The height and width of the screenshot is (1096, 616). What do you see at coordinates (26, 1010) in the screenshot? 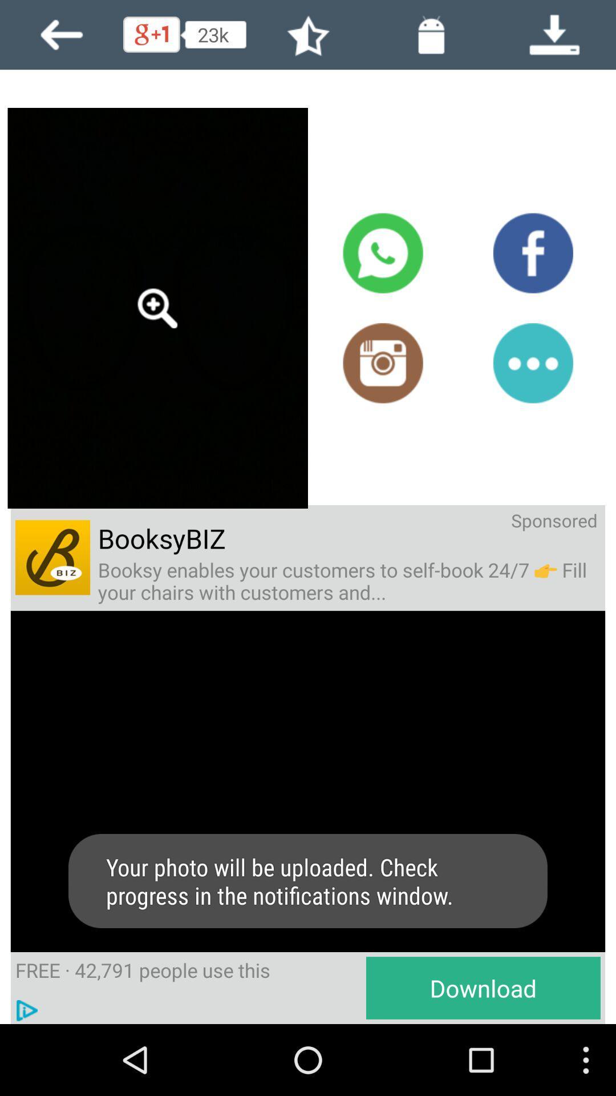
I see `the play image option to the left of the text download` at bounding box center [26, 1010].